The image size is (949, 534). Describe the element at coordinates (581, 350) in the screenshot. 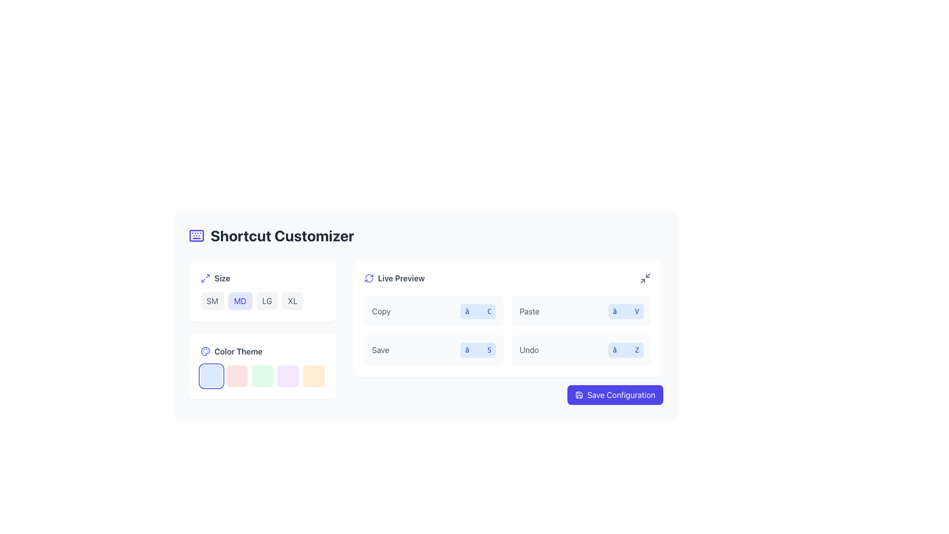

I see `the button representing the 'Undo' operation, located in the bottom-right grid of the 'Live Preview' section, specifically the fourth element below 'Paste ⌘ V'` at that location.